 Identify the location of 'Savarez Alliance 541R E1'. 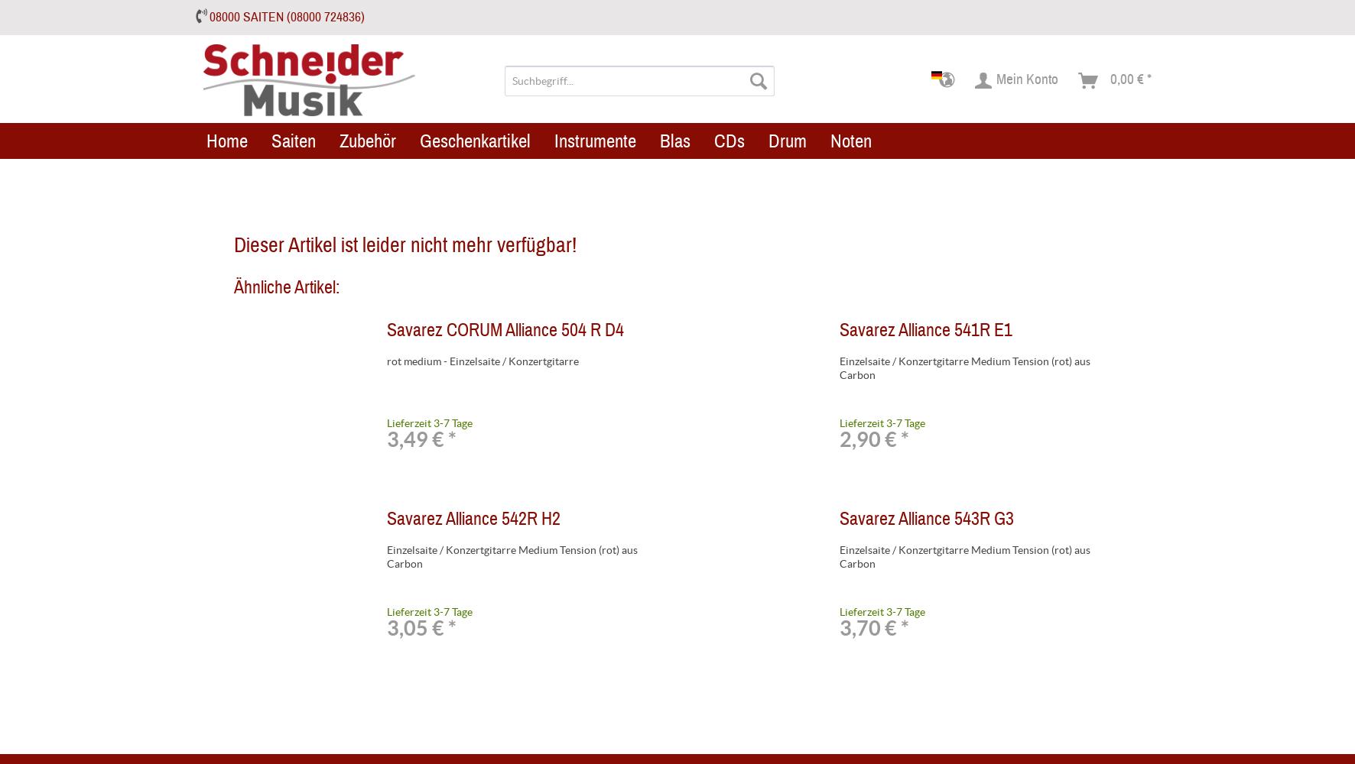
(924, 330).